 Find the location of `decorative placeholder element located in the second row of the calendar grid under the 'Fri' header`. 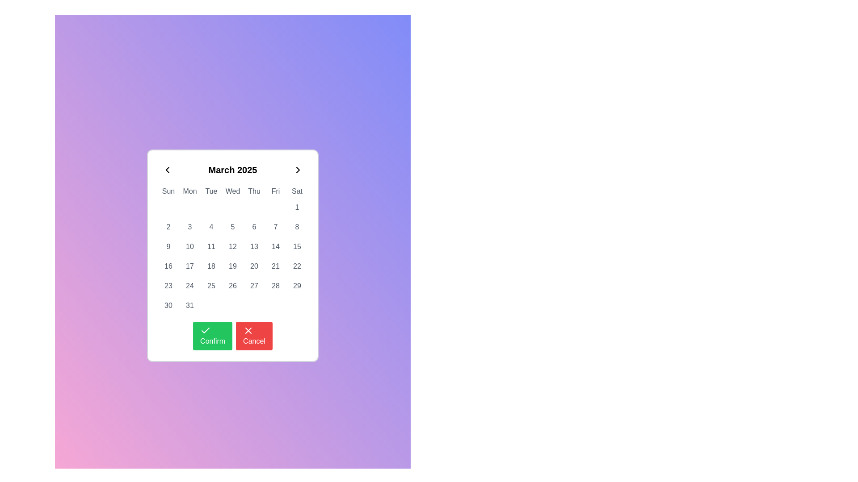

decorative placeholder element located in the second row of the calendar grid under the 'Fri' header is located at coordinates (275, 208).